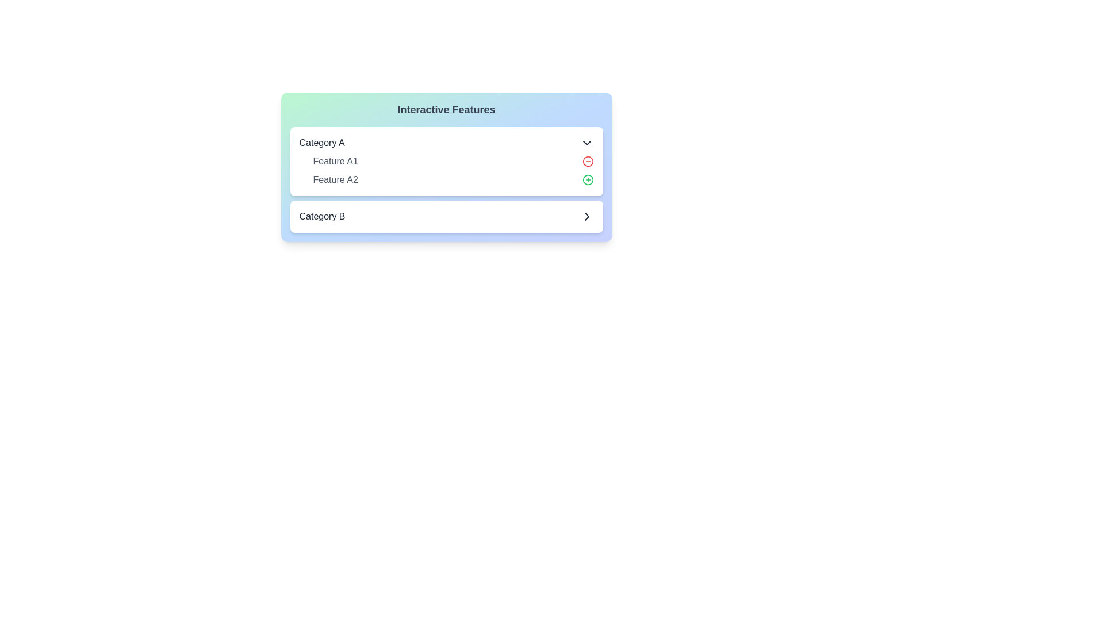  Describe the element at coordinates (586, 217) in the screenshot. I see `the Chevron Icon` at that location.